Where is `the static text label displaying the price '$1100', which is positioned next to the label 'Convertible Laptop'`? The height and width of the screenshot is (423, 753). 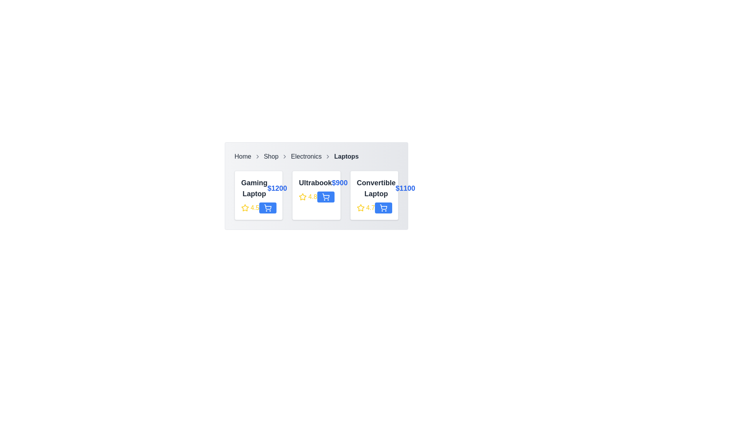 the static text label displaying the price '$1100', which is positioned next to the label 'Convertible Laptop' is located at coordinates (405, 188).